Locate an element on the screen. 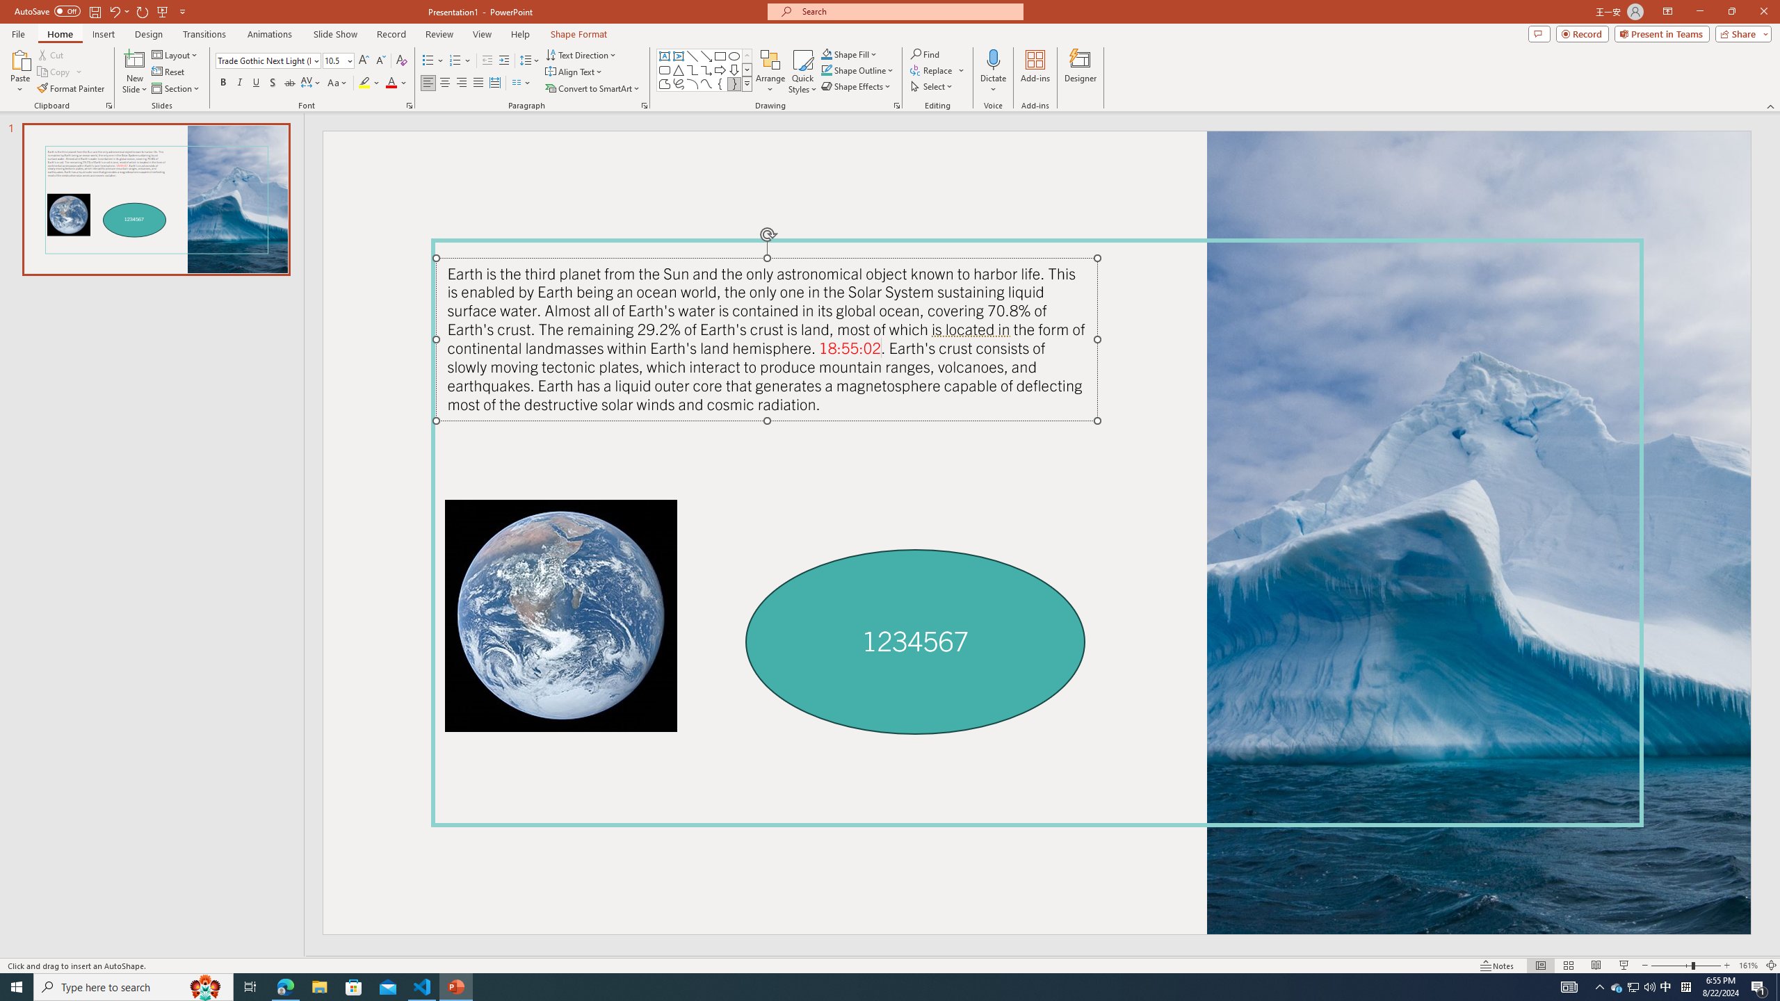 This screenshot has width=1780, height=1001. 'Shape Fill Aqua, Accent 2' is located at coordinates (827, 54).